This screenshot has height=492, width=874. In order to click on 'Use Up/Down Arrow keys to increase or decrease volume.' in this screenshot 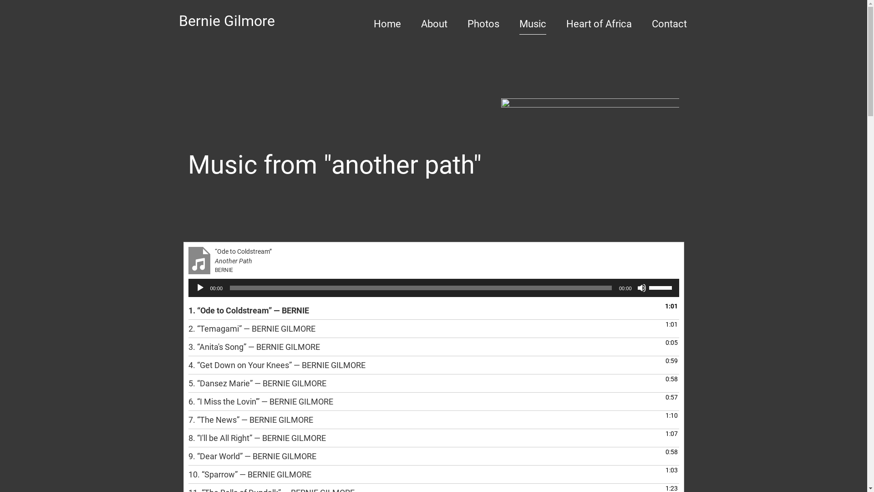, I will do `click(662, 286)`.